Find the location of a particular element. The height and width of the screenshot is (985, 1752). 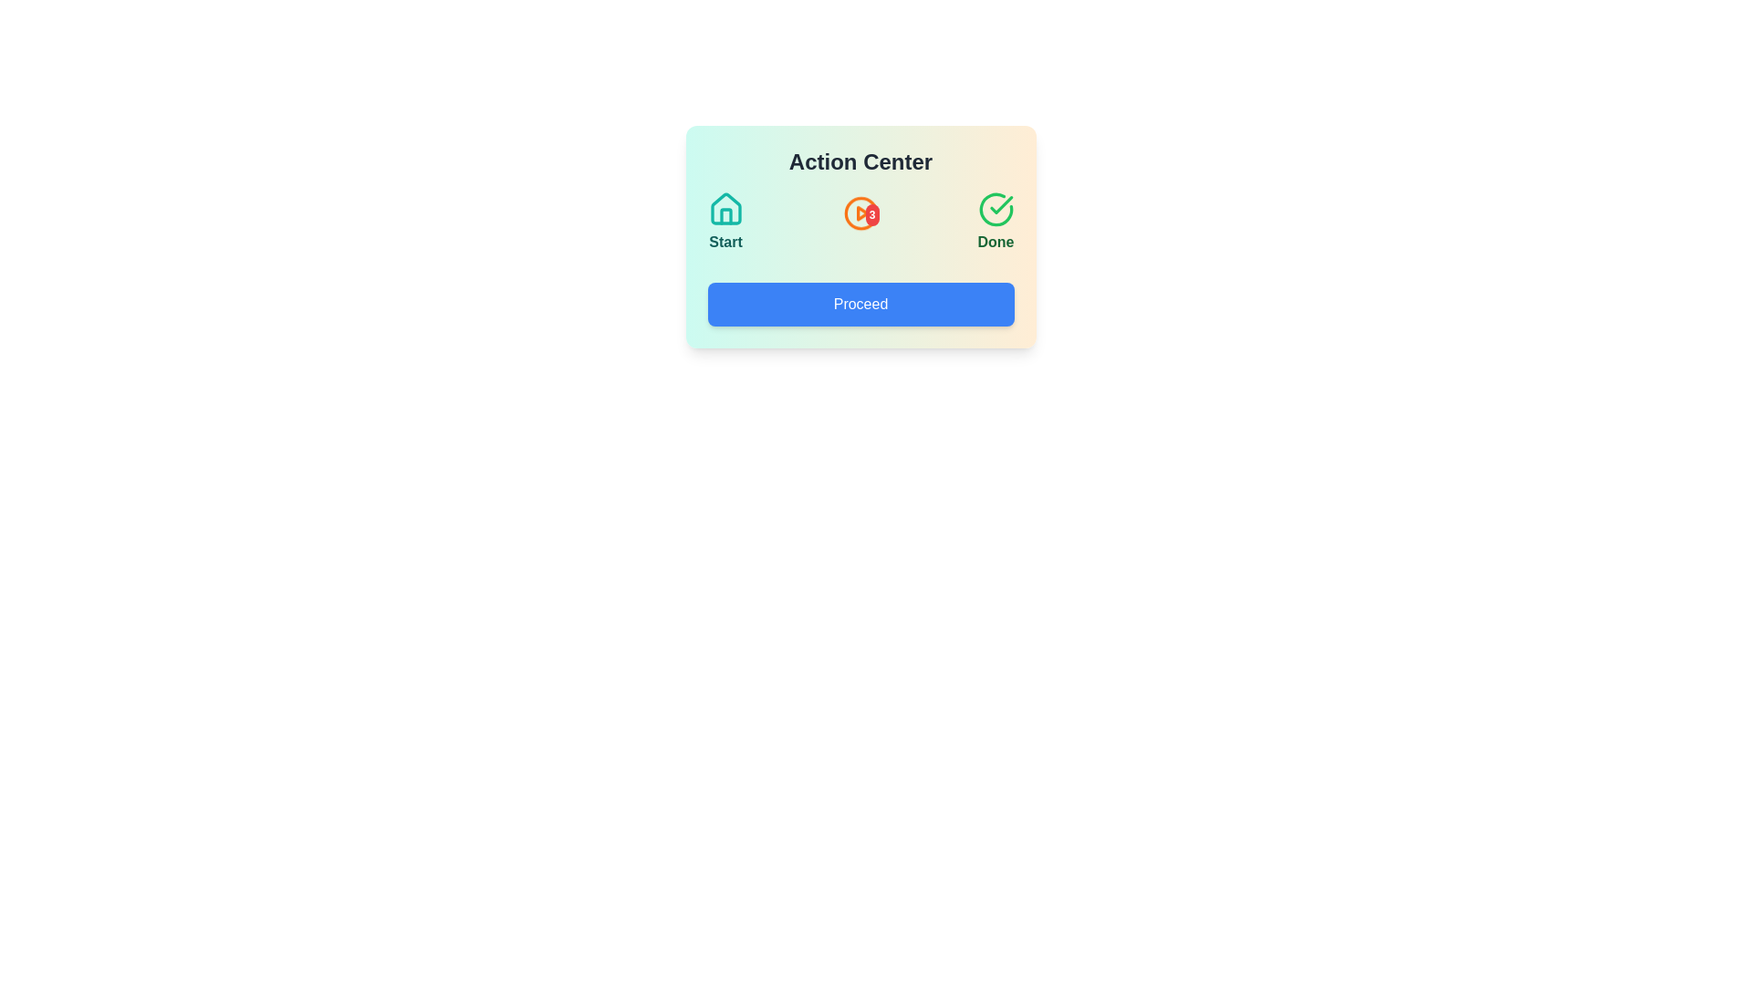

the stylized house icon represented by a teal-colored line, located above the label 'Start' and left of the 'Done' icon in the 'Action Center' card is located at coordinates (725, 209).